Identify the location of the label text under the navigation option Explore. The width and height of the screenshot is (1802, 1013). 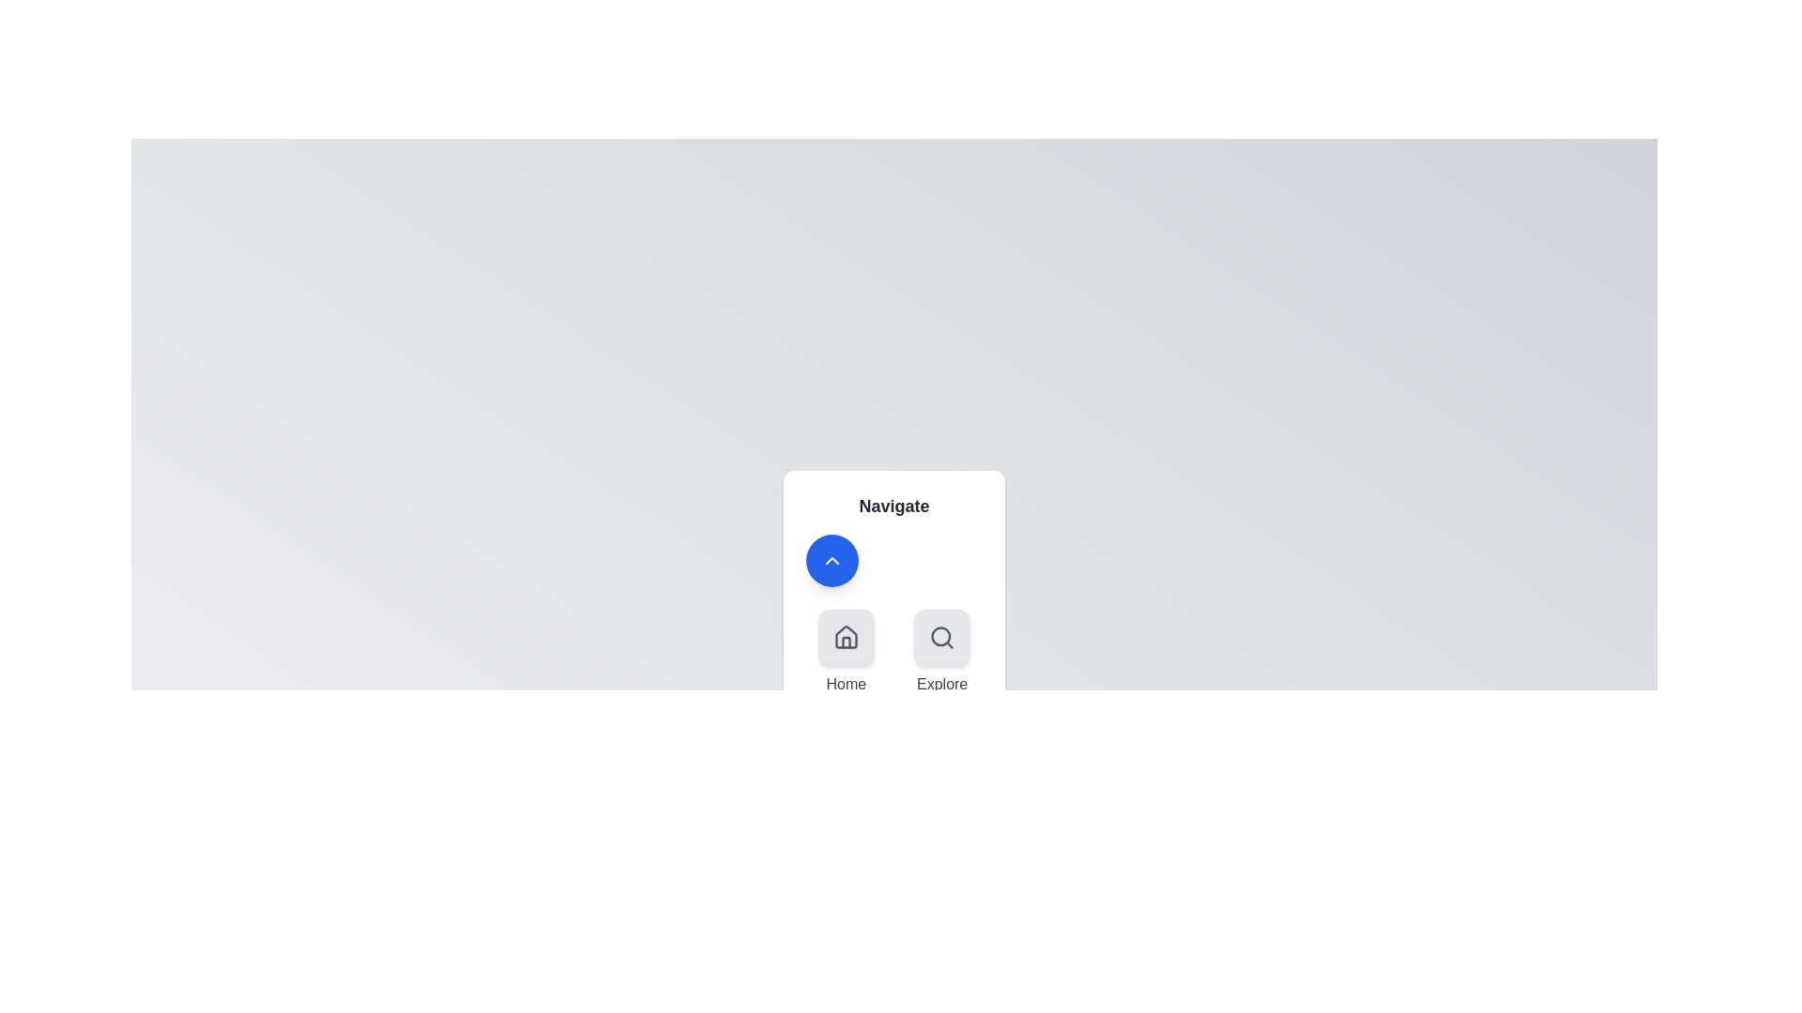
(942, 684).